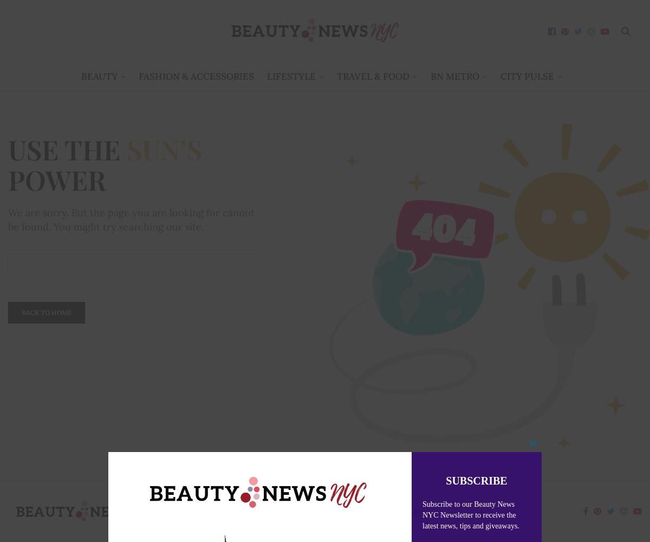 The width and height of the screenshot is (650, 542). Describe the element at coordinates (373, 76) in the screenshot. I see `'Travel & Food'` at that location.